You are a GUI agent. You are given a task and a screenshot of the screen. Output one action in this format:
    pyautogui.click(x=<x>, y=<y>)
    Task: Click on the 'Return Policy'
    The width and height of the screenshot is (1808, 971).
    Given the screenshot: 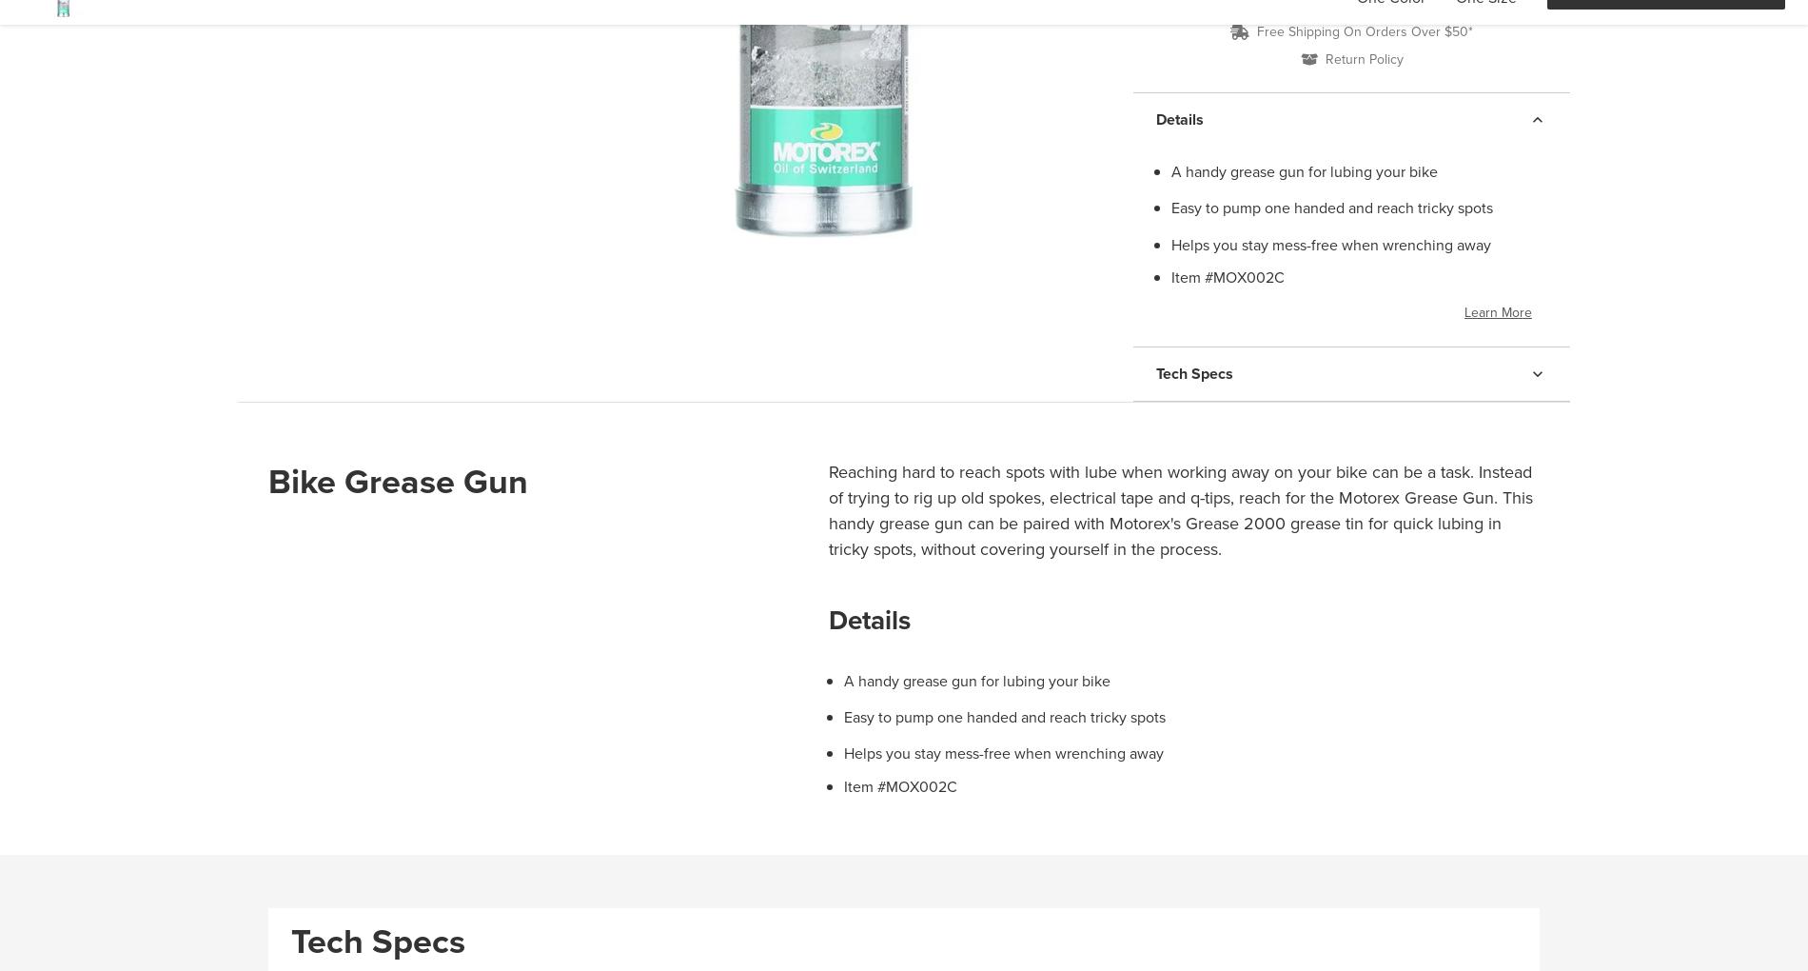 What is the action you would take?
    pyautogui.click(x=1363, y=59)
    